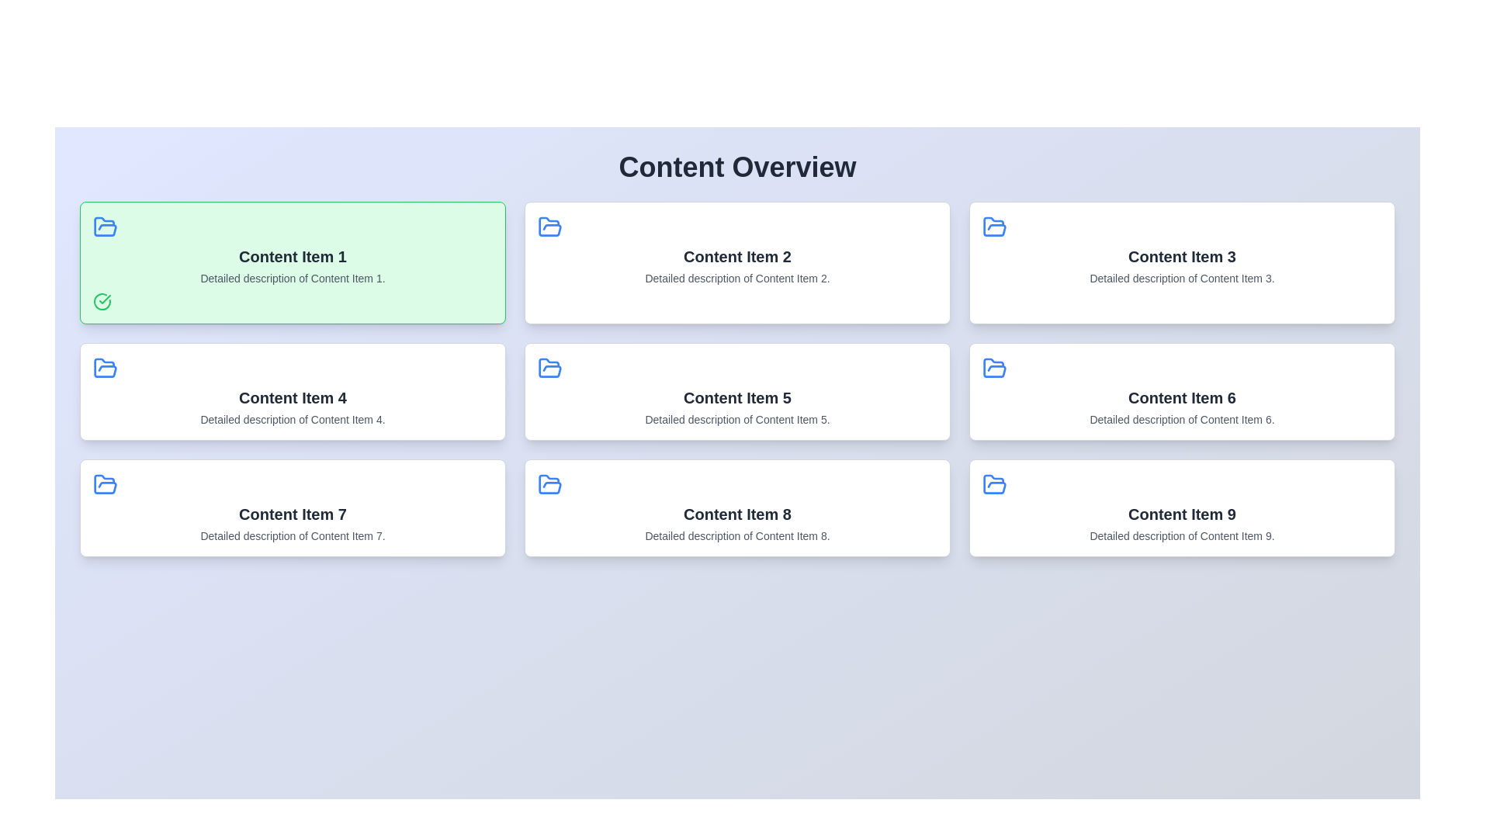 The height and width of the screenshot is (838, 1490). What do you see at coordinates (104, 368) in the screenshot?
I see `the icon representing content storage or organization located in the upper-left corner of the 'Content Item 4' box, which is the second card in the left column of the content grid` at bounding box center [104, 368].